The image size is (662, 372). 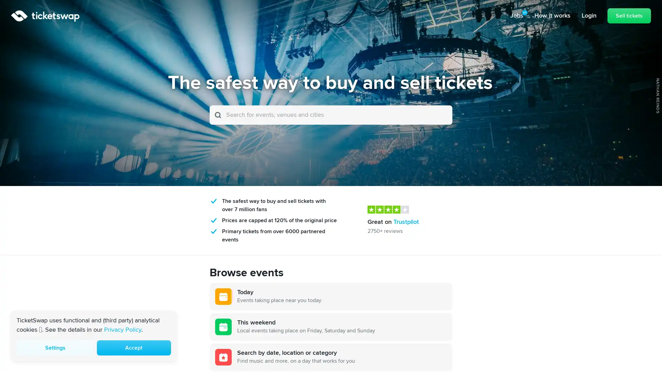 I want to click on Settings, so click(x=54, y=348).